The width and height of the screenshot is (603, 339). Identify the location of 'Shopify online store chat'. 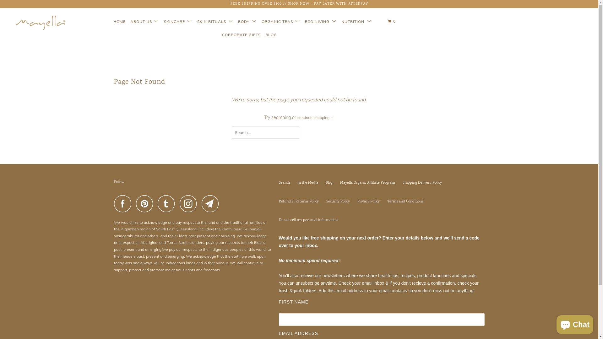
(575, 323).